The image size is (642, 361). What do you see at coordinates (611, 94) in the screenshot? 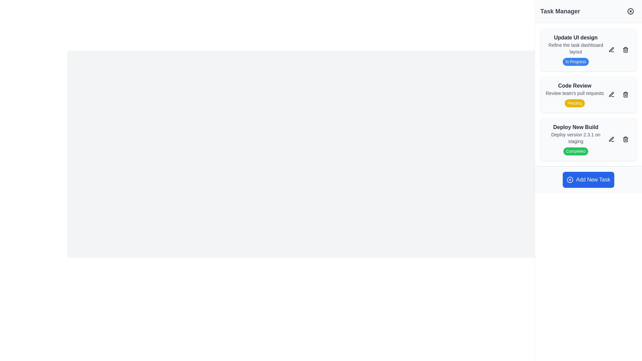
I see `the Edit Action icon button, which is styled as a pen and line, located within the 'Code Review' card in the right-hand panel of the application under 'Task Manager.'` at bounding box center [611, 94].